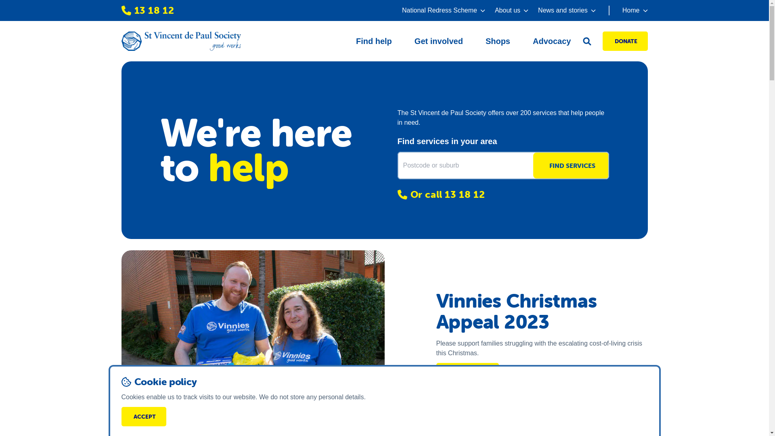 This screenshot has height=436, width=775. Describe the element at coordinates (628, 10) in the screenshot. I see `'Home'` at that location.